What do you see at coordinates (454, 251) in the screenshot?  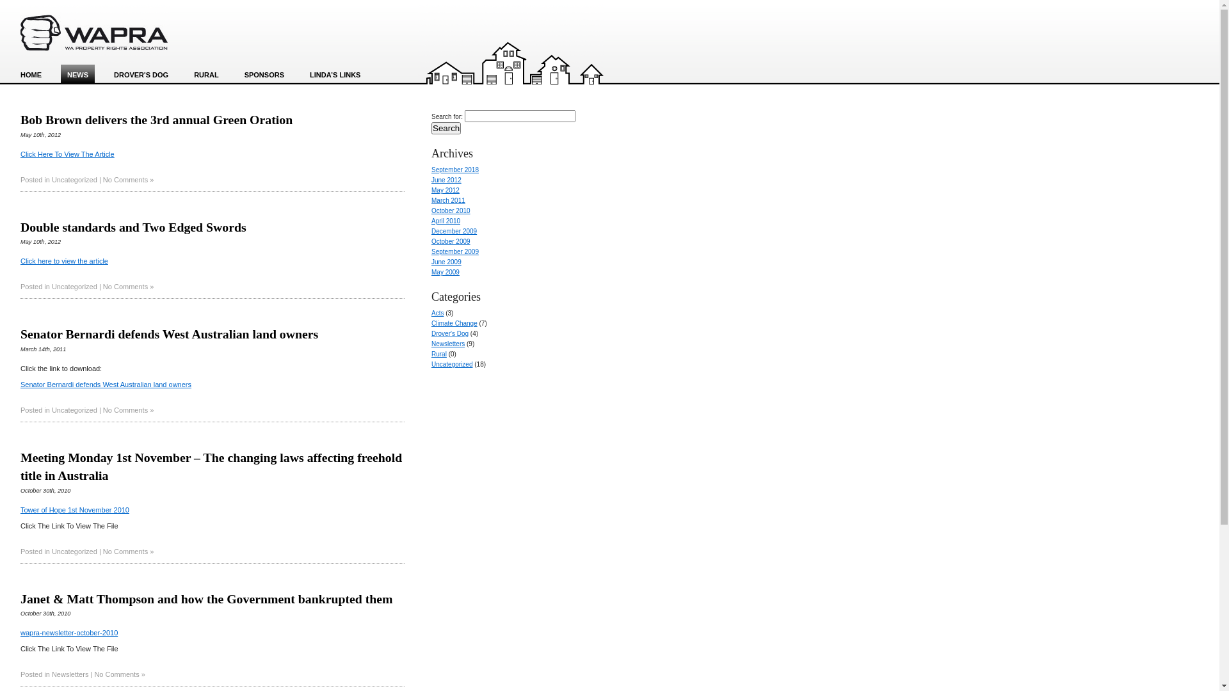 I see `'September 2009'` at bounding box center [454, 251].